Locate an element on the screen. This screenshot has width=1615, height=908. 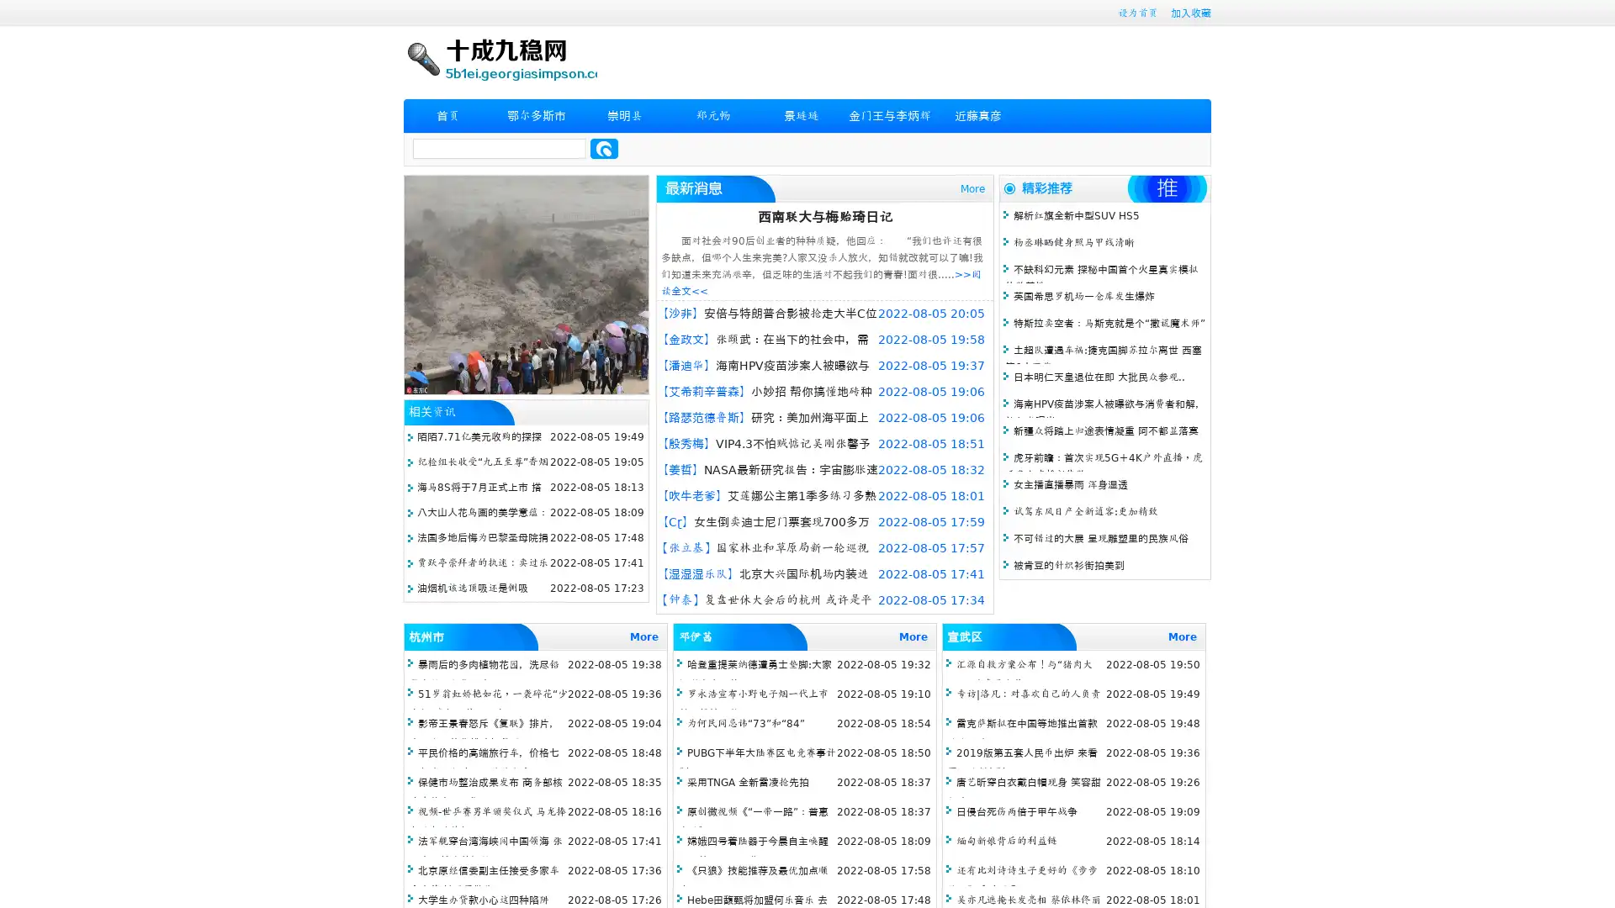
Search is located at coordinates (604, 148).